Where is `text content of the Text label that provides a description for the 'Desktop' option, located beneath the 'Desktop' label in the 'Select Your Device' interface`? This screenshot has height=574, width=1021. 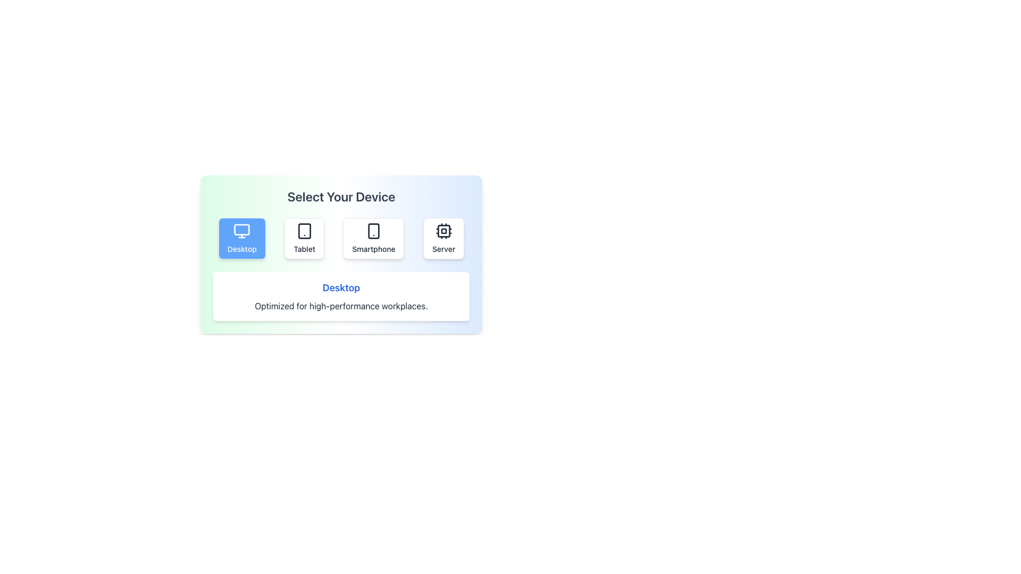 text content of the Text label that provides a description for the 'Desktop' option, located beneath the 'Desktop' label in the 'Select Your Device' interface is located at coordinates (341, 306).